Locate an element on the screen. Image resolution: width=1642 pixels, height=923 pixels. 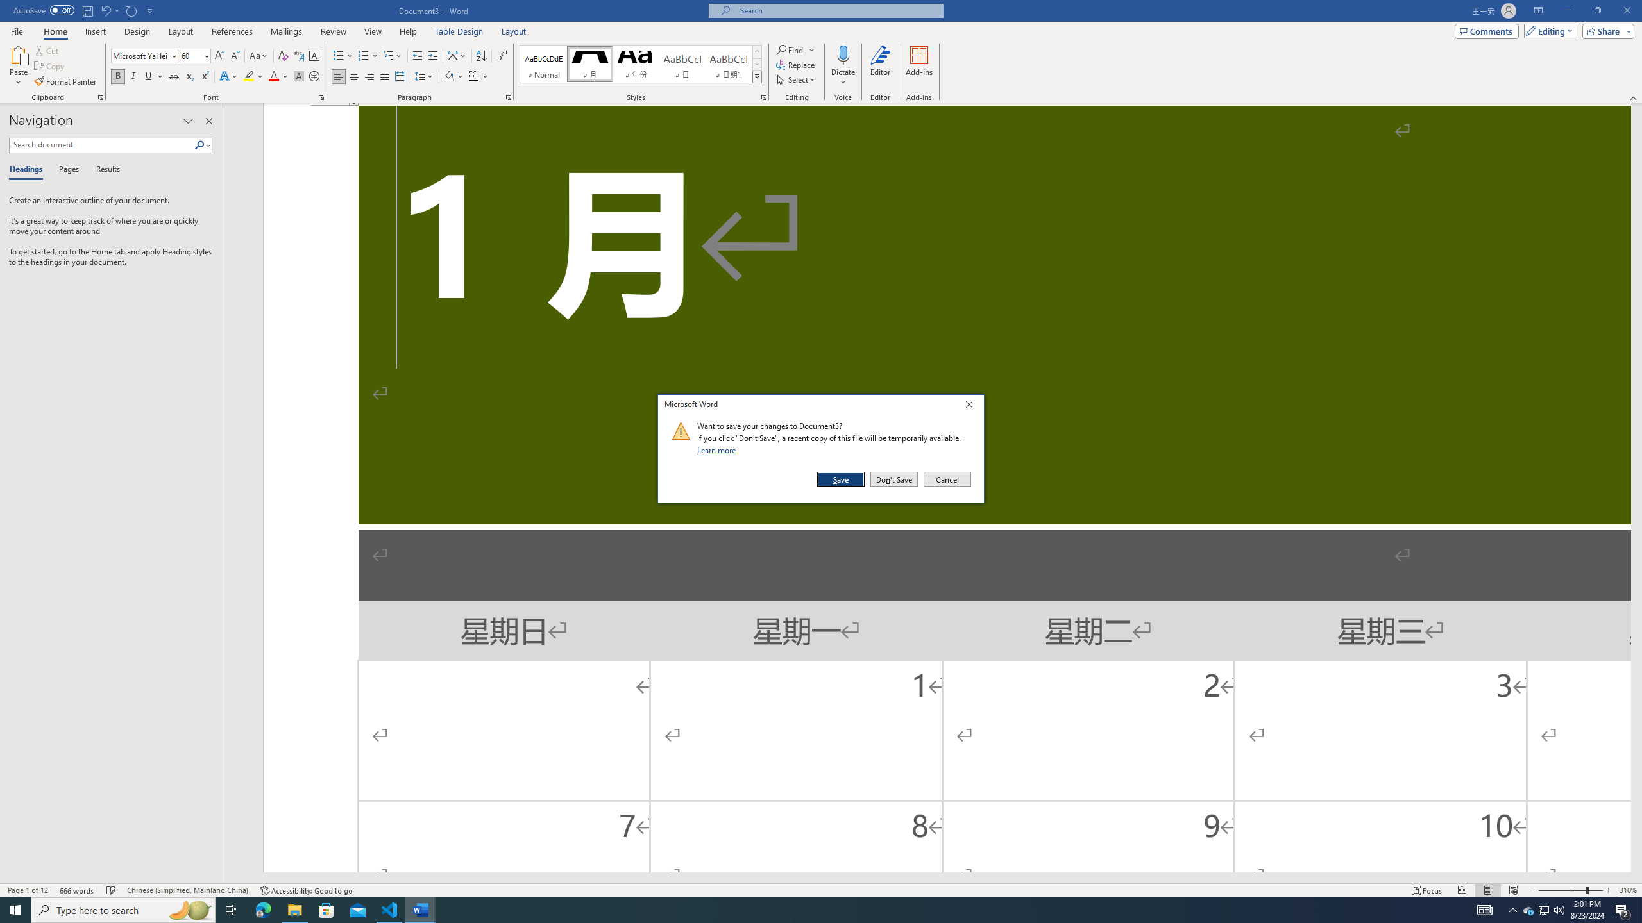
'Word Count 666 words' is located at coordinates (78, 890).